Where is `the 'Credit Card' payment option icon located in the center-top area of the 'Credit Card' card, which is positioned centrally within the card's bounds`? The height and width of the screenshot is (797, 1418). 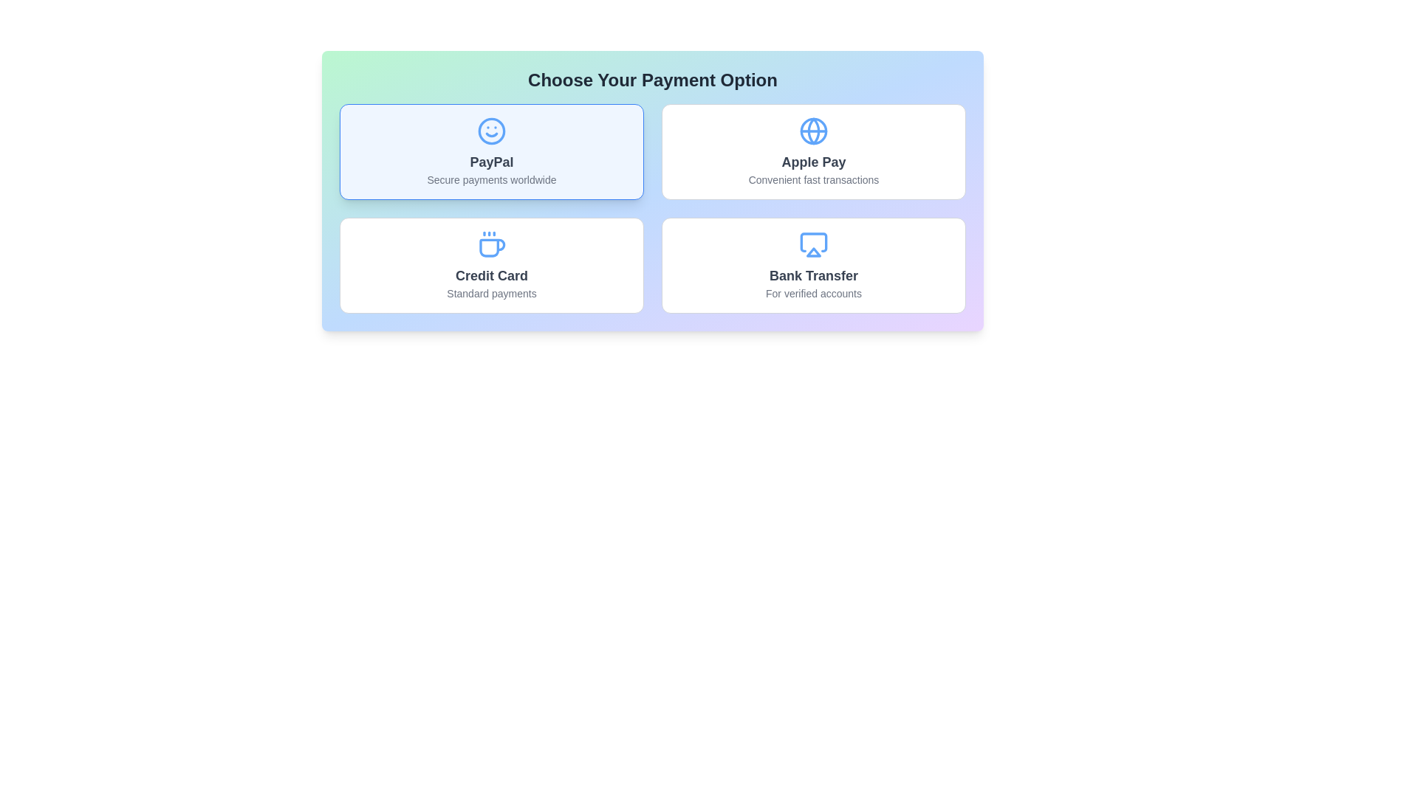 the 'Credit Card' payment option icon located in the center-top area of the 'Credit Card' card, which is positioned centrally within the card's bounds is located at coordinates (492, 244).